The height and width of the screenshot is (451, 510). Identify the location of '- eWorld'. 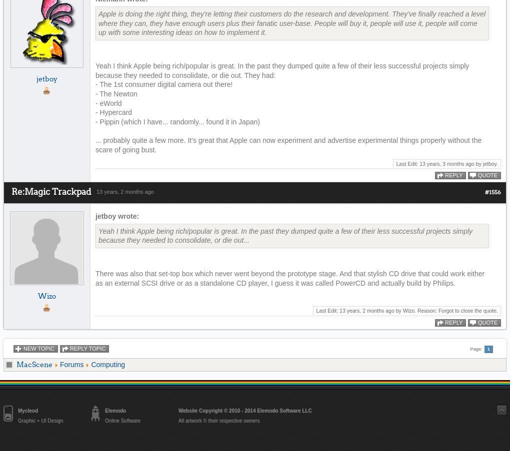
(95, 102).